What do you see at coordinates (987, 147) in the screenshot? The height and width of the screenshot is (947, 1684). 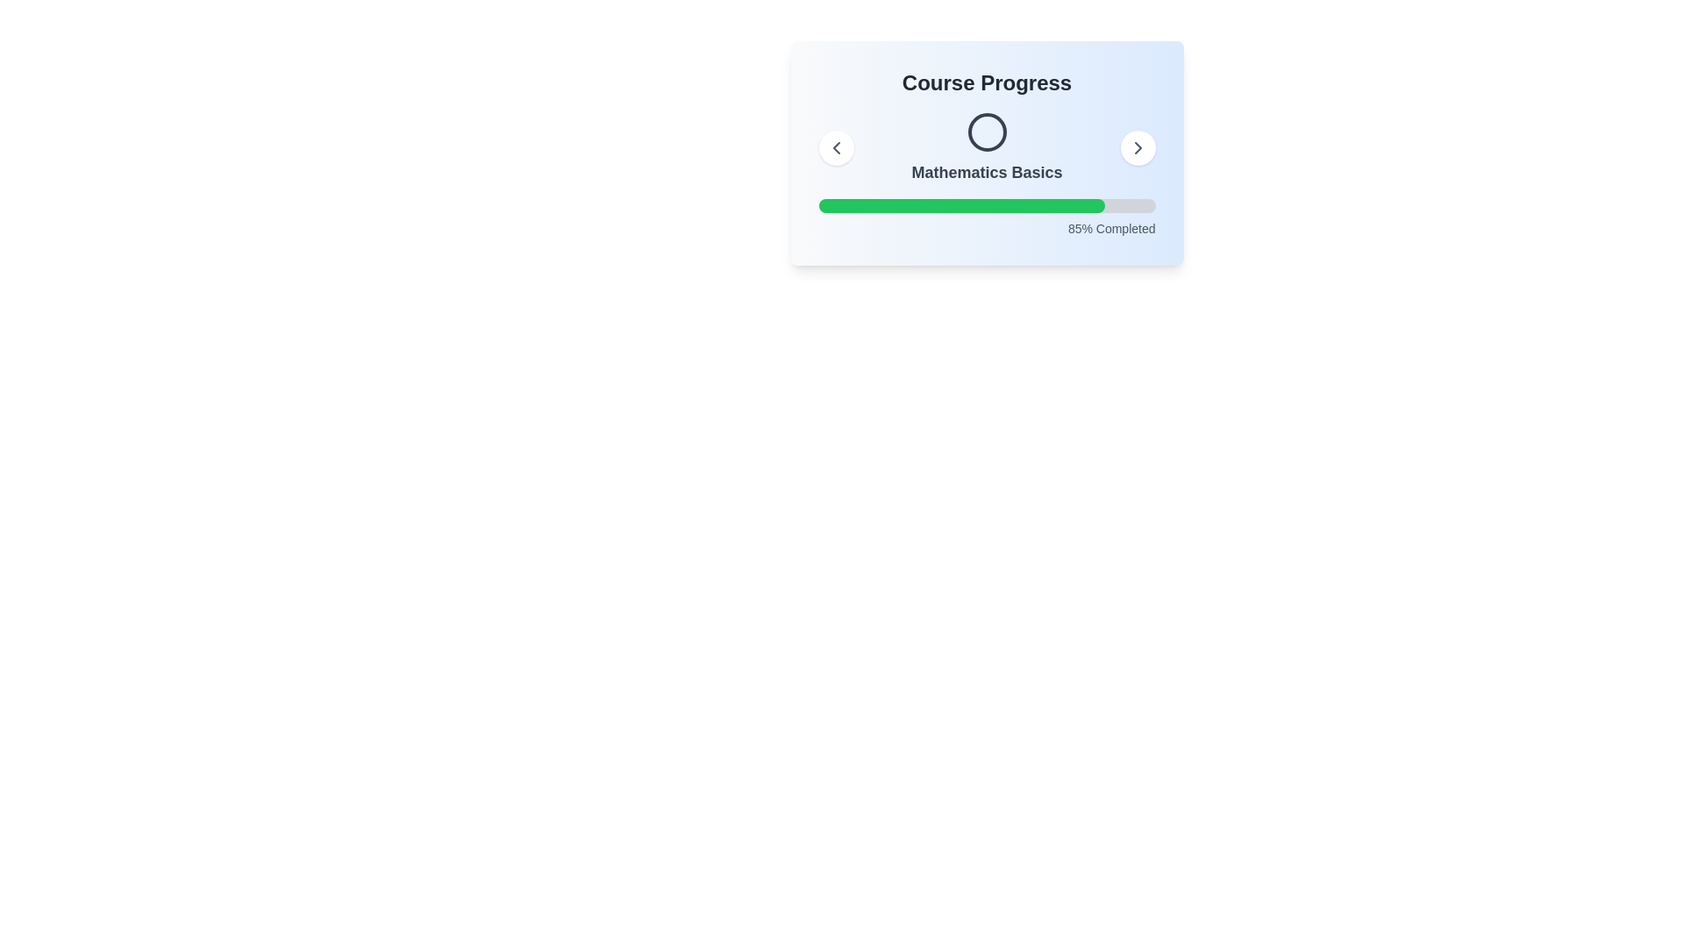 I see `the circle icon in the 'Mathematics Basics' section` at bounding box center [987, 147].